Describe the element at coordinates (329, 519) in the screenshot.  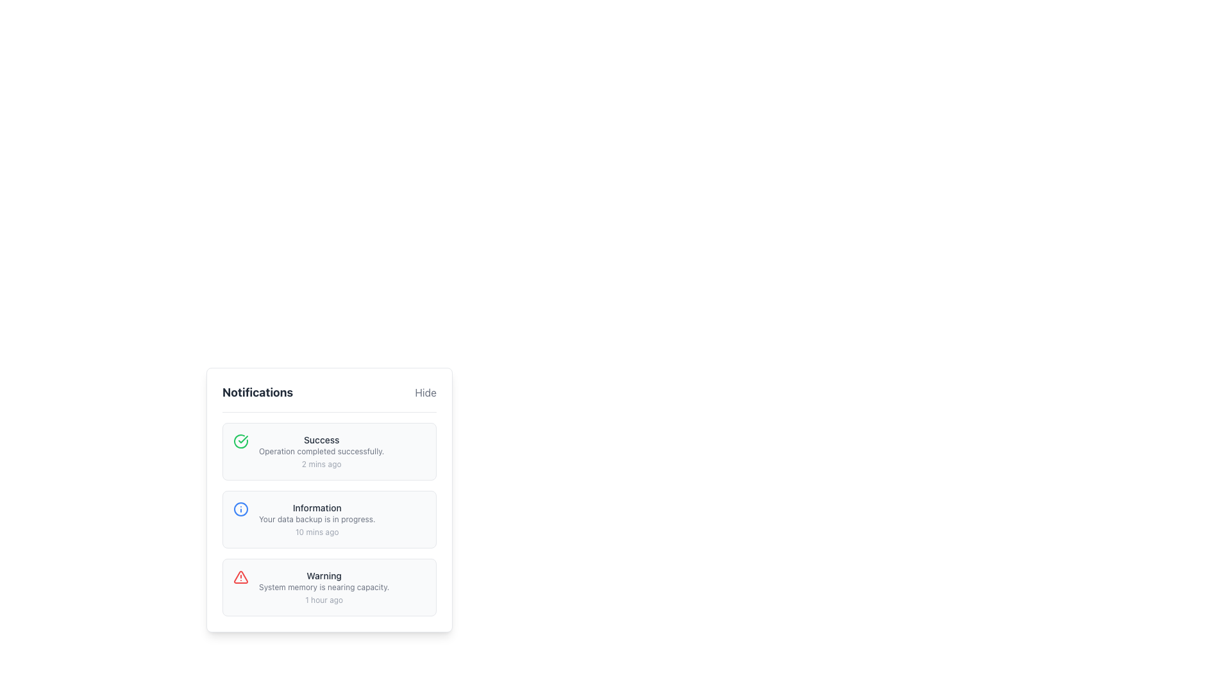
I see `the second notification card in the notifications panel that informs about an ongoing data backup process` at that location.